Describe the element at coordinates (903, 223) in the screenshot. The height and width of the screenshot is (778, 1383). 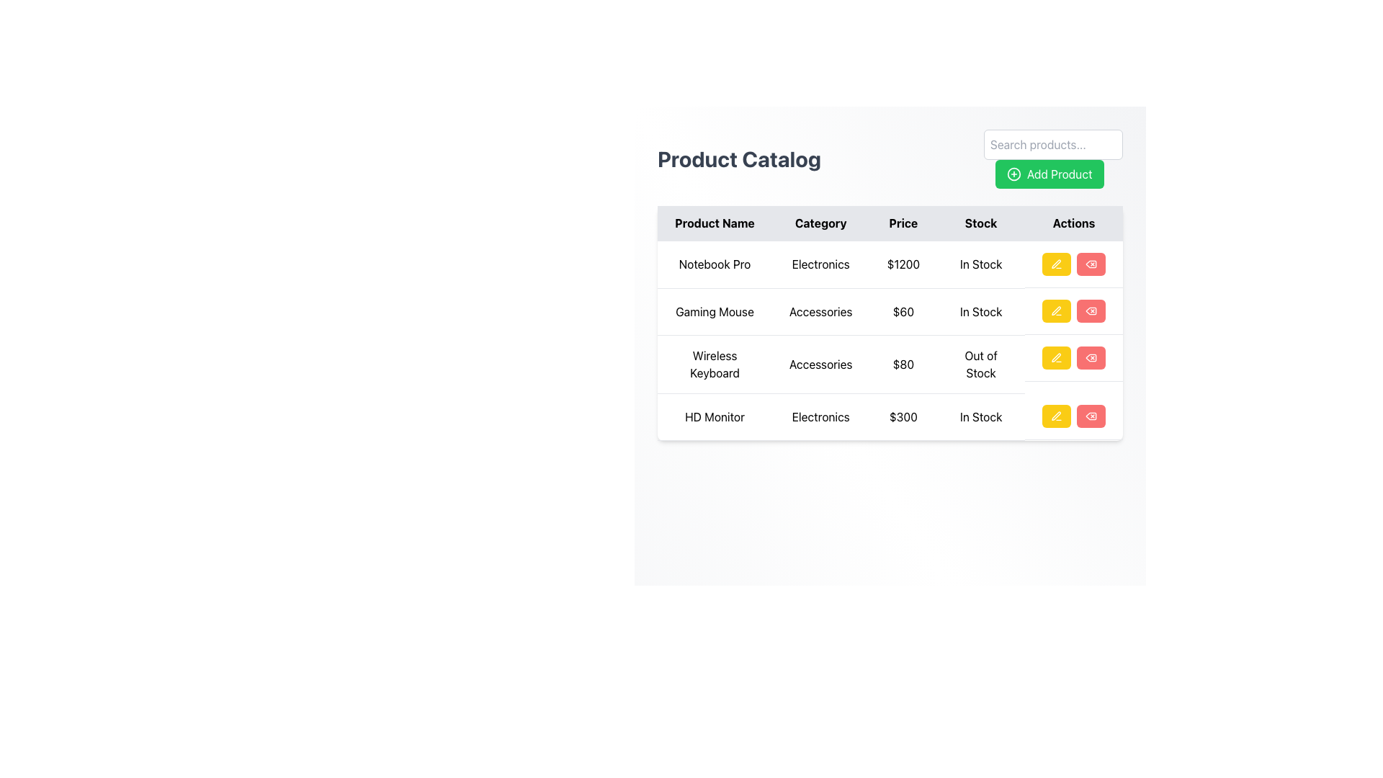
I see `the centrally aligned Text Label that denotes the product prices in the table, located between the 'Category' and 'Stock' headers` at that location.